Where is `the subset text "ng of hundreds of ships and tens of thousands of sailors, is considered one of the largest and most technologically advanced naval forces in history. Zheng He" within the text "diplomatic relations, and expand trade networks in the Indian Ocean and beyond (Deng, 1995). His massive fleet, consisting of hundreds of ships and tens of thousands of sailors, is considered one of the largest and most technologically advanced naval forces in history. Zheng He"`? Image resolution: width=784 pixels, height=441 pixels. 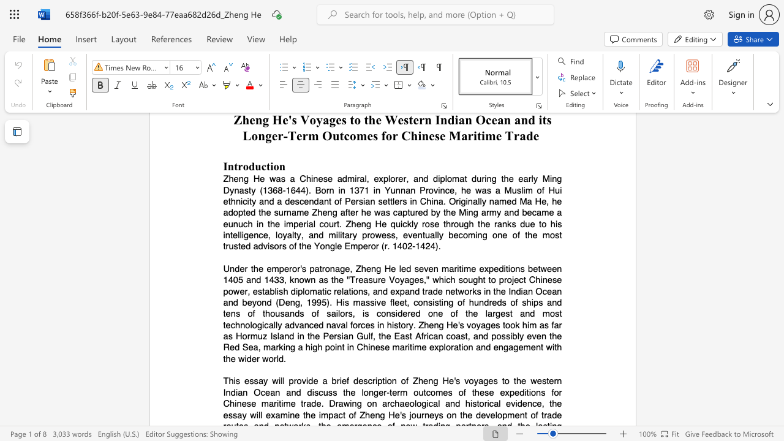 the subset text "ng of hundreds of ships and tens of thousands of sailors, is considered one of the largest and most technologically advanced naval forces in history. Zheng He" within the text "diplomatic relations, and expand trade networks in the Indian Ocean and beyond (Deng, 1995). His massive fleet, consisting of hundreds of ships and tens of thousands of sailors, is considered one of the largest and most technologically advanced naval forces in history. Zheng He" is located at coordinates (443, 303).